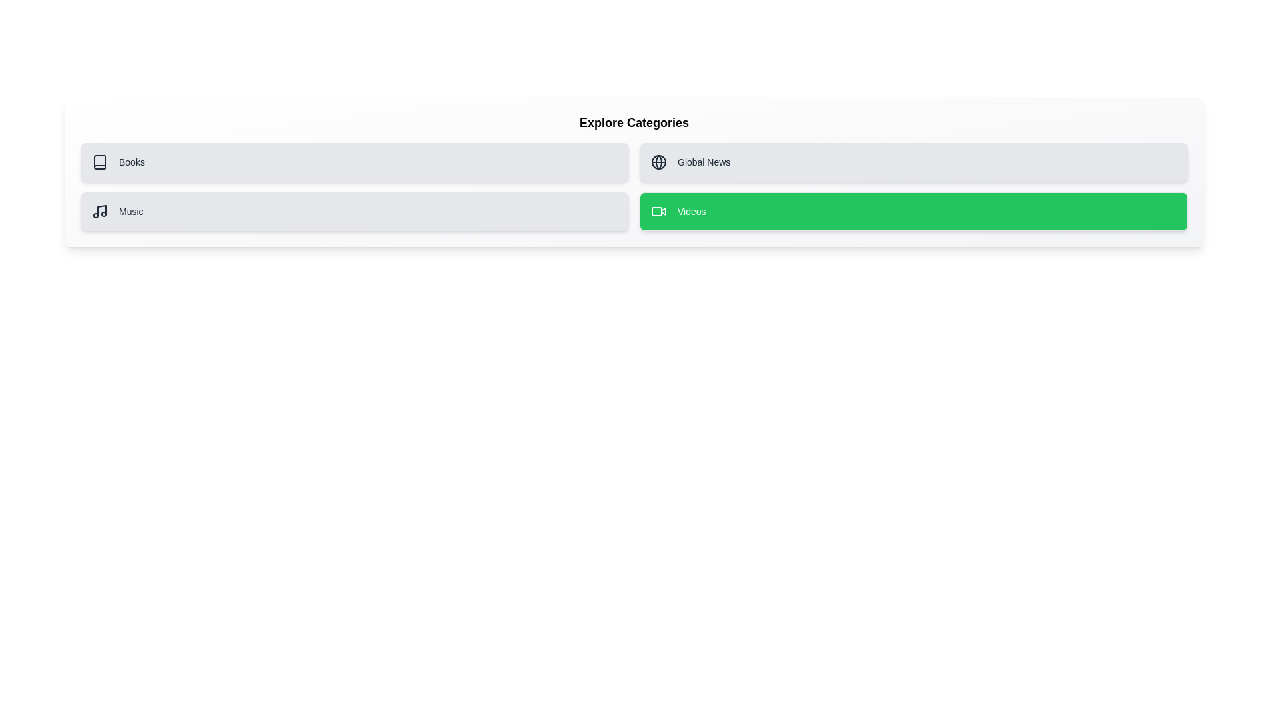 The width and height of the screenshot is (1282, 721). What do you see at coordinates (355, 210) in the screenshot?
I see `the card labeled Music` at bounding box center [355, 210].